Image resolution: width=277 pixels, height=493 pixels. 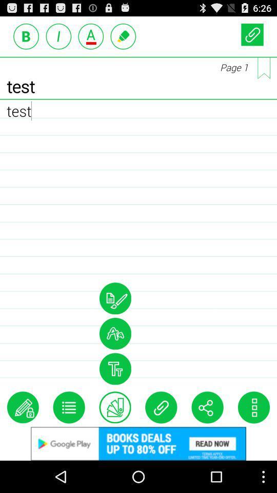 I want to click on the edit icon, so click(x=23, y=435).